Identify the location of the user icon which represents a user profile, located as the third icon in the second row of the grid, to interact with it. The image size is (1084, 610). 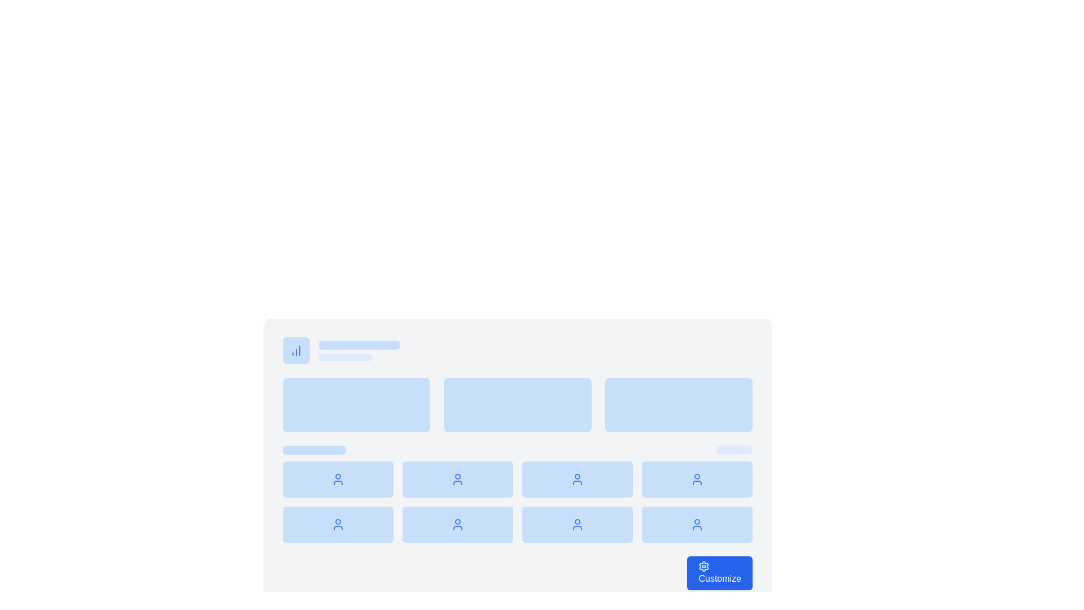
(577, 525).